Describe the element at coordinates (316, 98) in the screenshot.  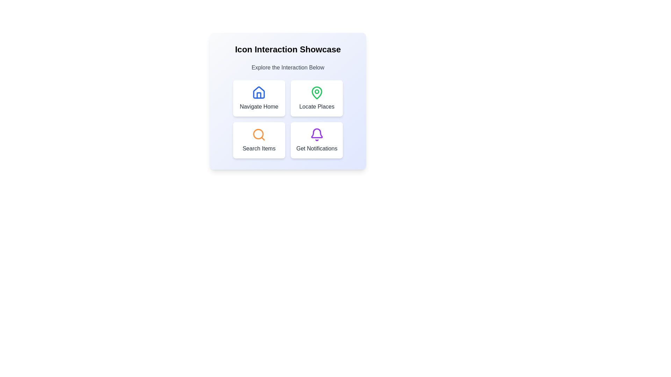
I see `the second Card Button in the grid layout to observe any visual effects` at that location.